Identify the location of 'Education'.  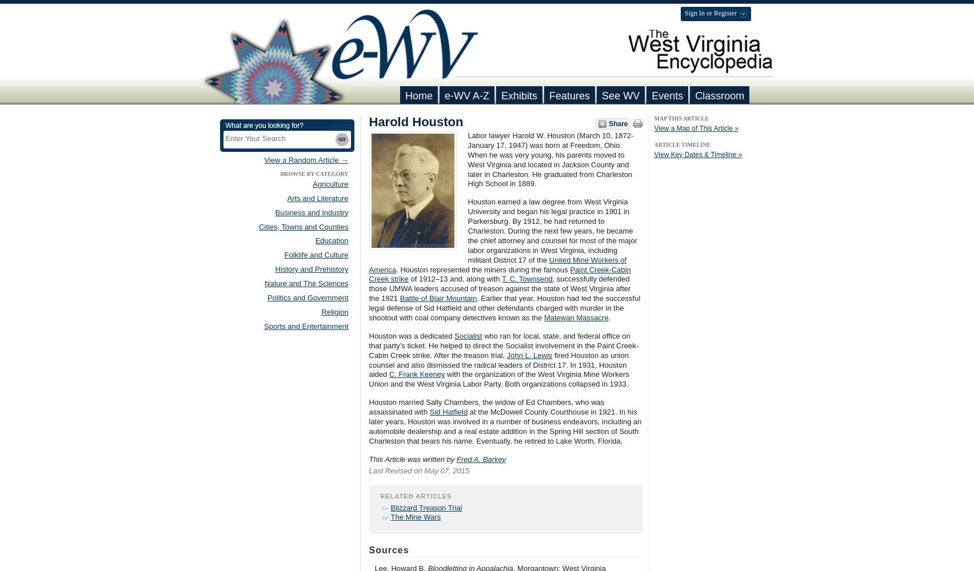
(332, 240).